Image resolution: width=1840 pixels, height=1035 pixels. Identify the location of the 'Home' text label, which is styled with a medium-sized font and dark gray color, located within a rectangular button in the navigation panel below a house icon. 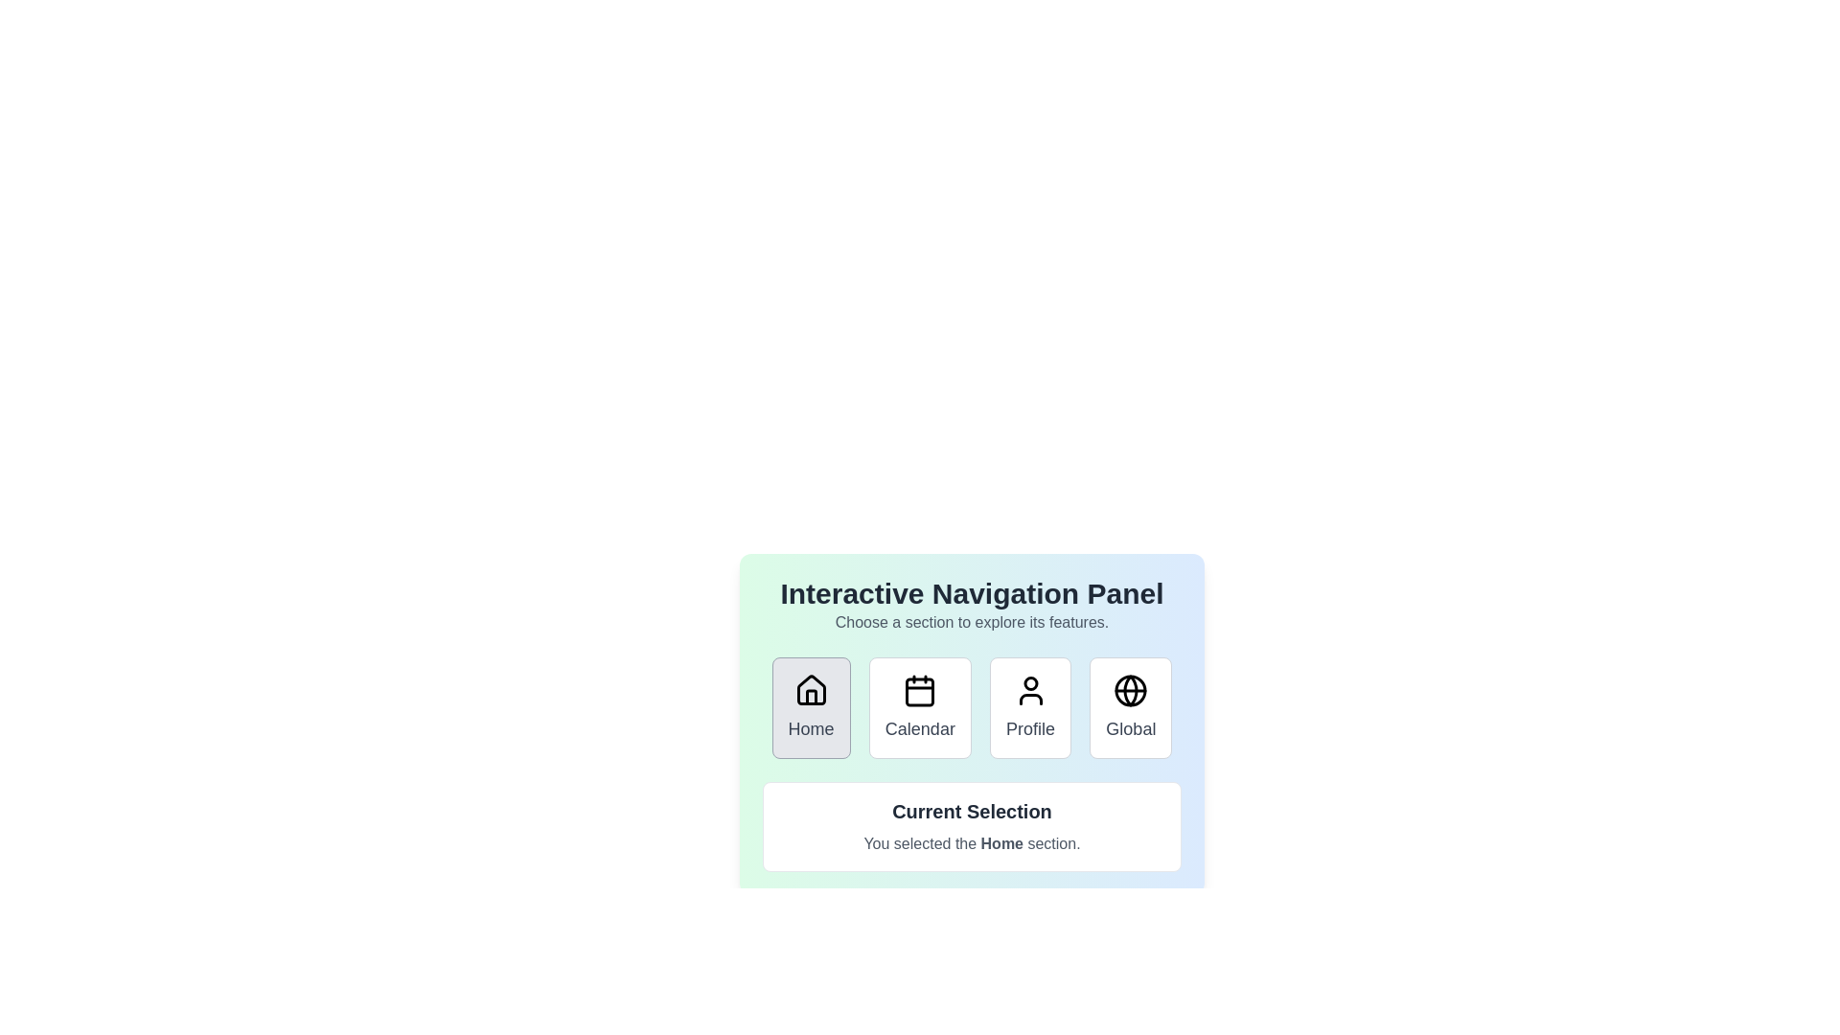
(811, 728).